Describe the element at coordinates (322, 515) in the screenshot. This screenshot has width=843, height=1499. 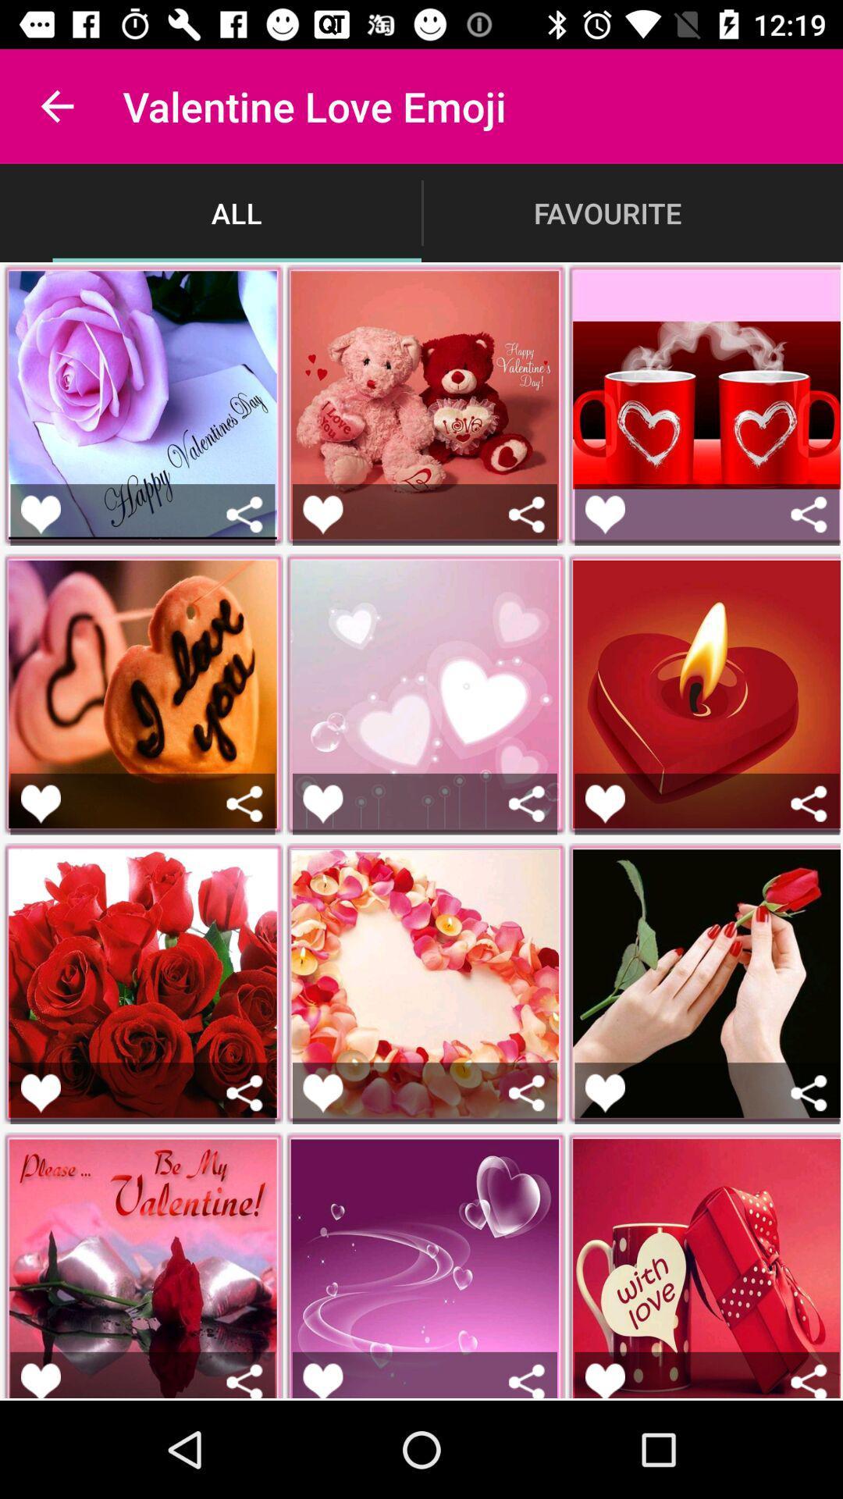
I see `love/like` at that location.